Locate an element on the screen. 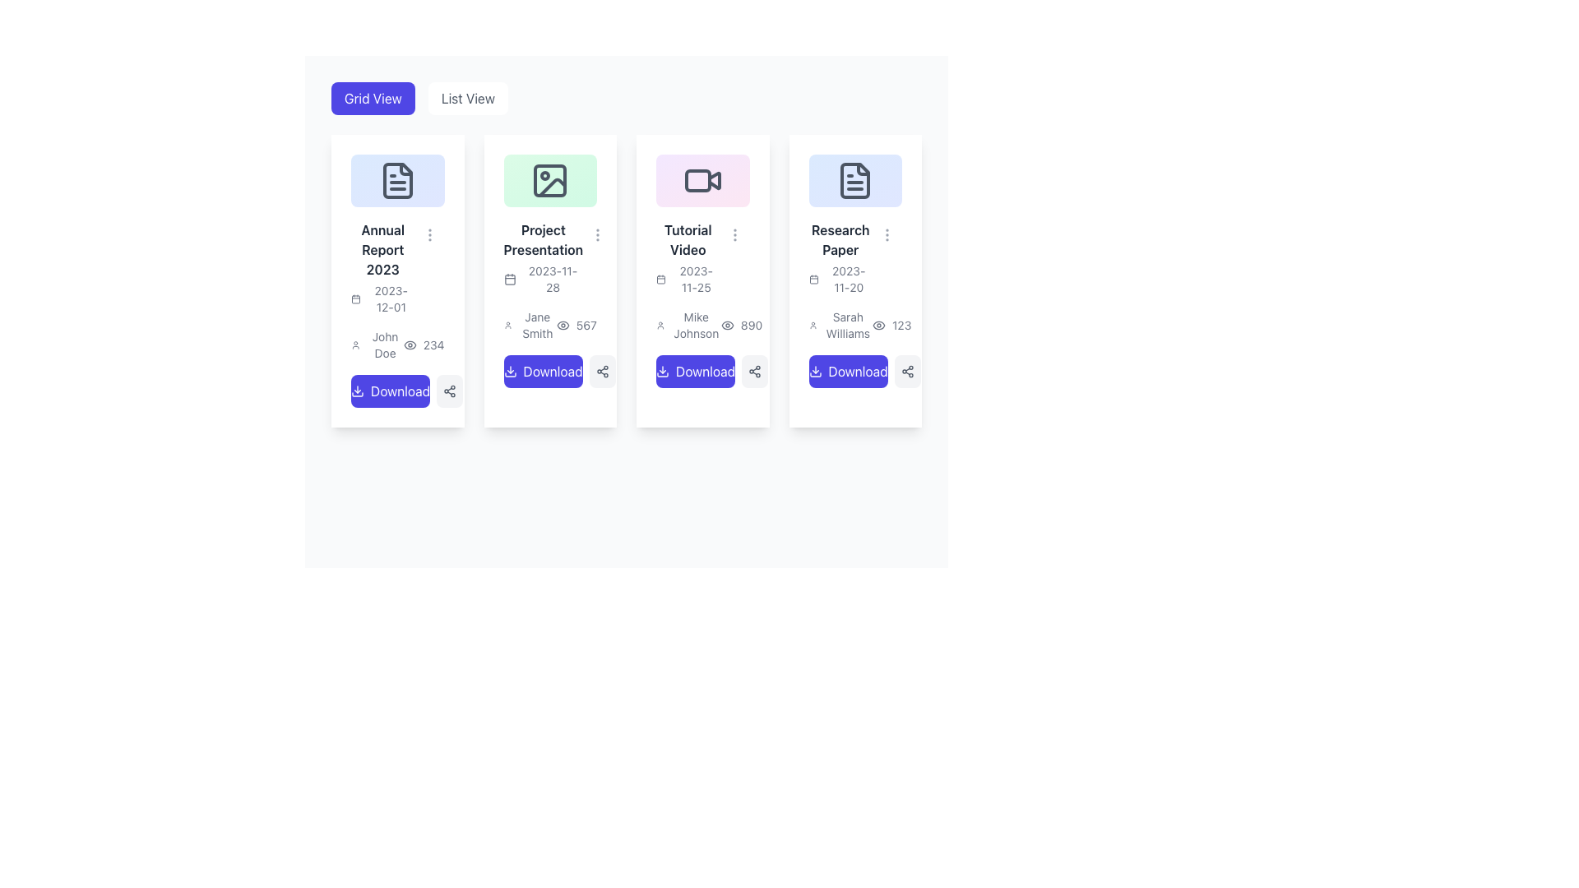 The width and height of the screenshot is (1579, 888). the icon button with three interconnected circles located at the bottom-right corner of the 'Tutorial Video' card to share associated content is located at coordinates (754, 371).